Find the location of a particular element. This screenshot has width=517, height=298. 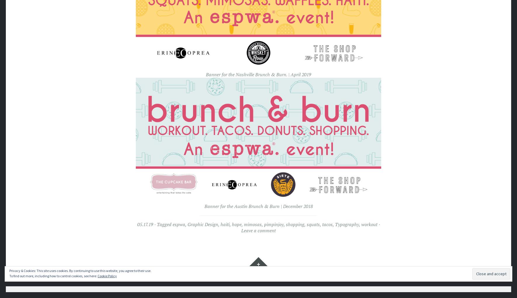

'mimosas' is located at coordinates (252, 224).